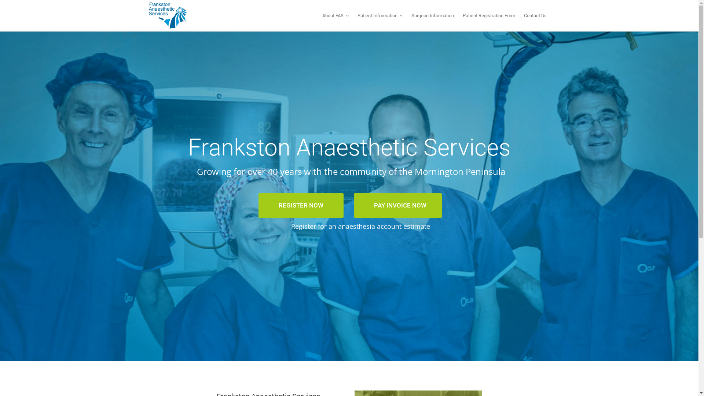 This screenshot has width=704, height=396. Describe the element at coordinates (433, 15) in the screenshot. I see `'Surgeon Information'` at that location.